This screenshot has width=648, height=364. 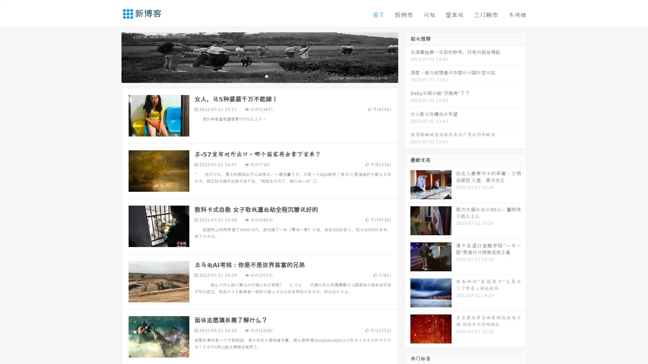 I want to click on Go to slide 3, so click(x=266, y=76).